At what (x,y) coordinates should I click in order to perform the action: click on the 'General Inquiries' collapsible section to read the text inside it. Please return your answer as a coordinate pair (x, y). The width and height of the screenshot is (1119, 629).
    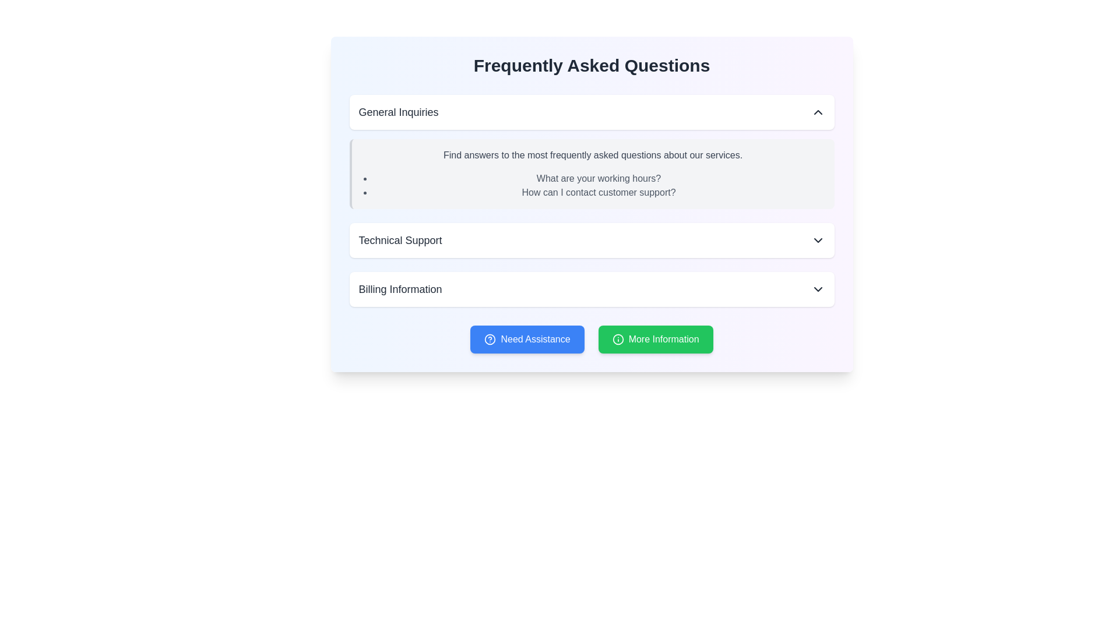
    Looking at the image, I should click on (592, 151).